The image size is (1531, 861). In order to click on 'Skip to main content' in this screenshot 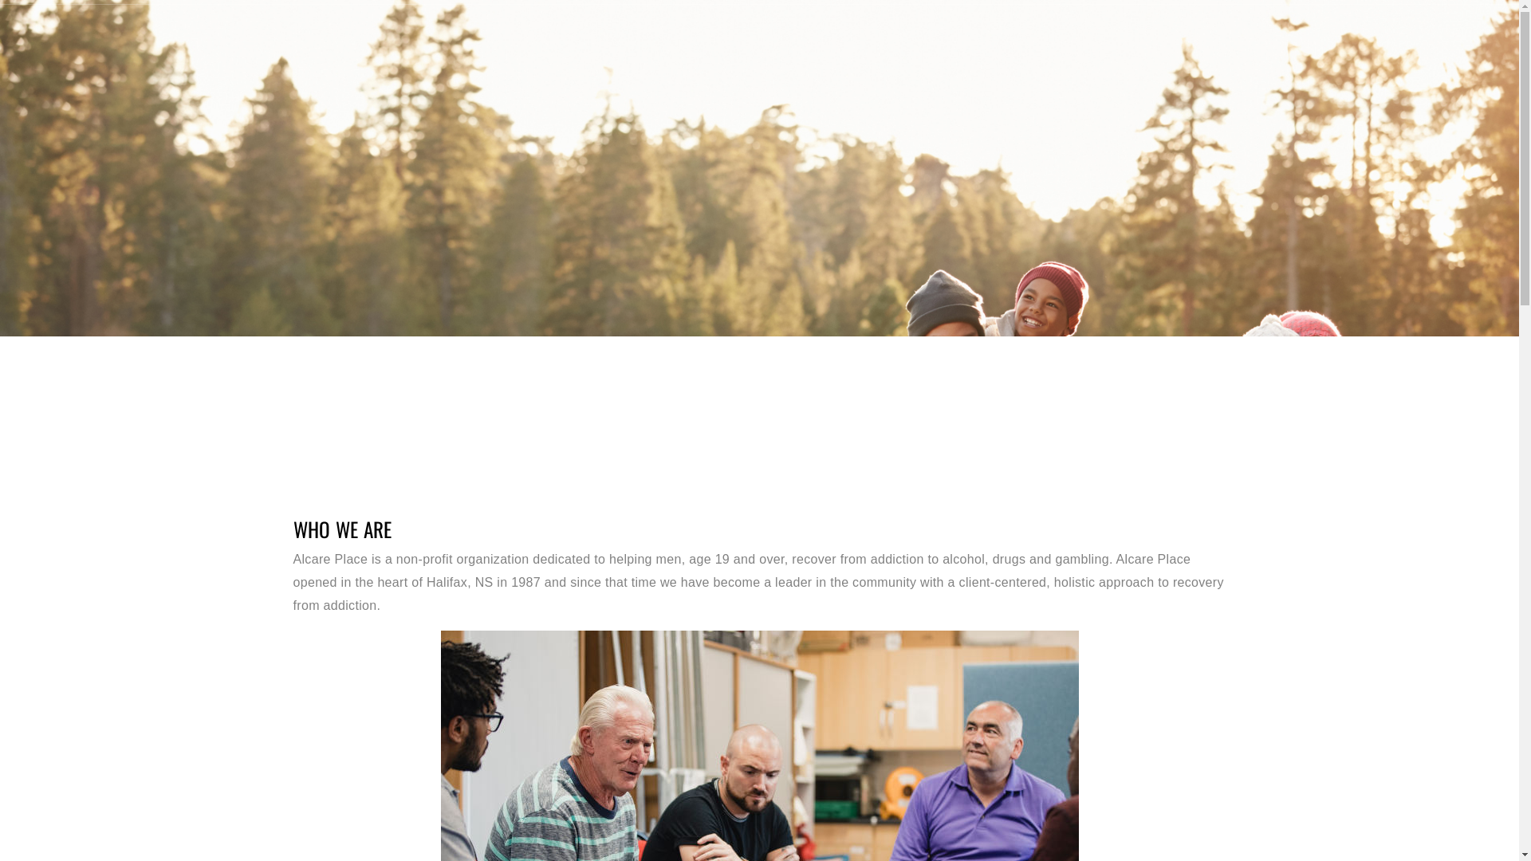, I will do `click(0, 0)`.